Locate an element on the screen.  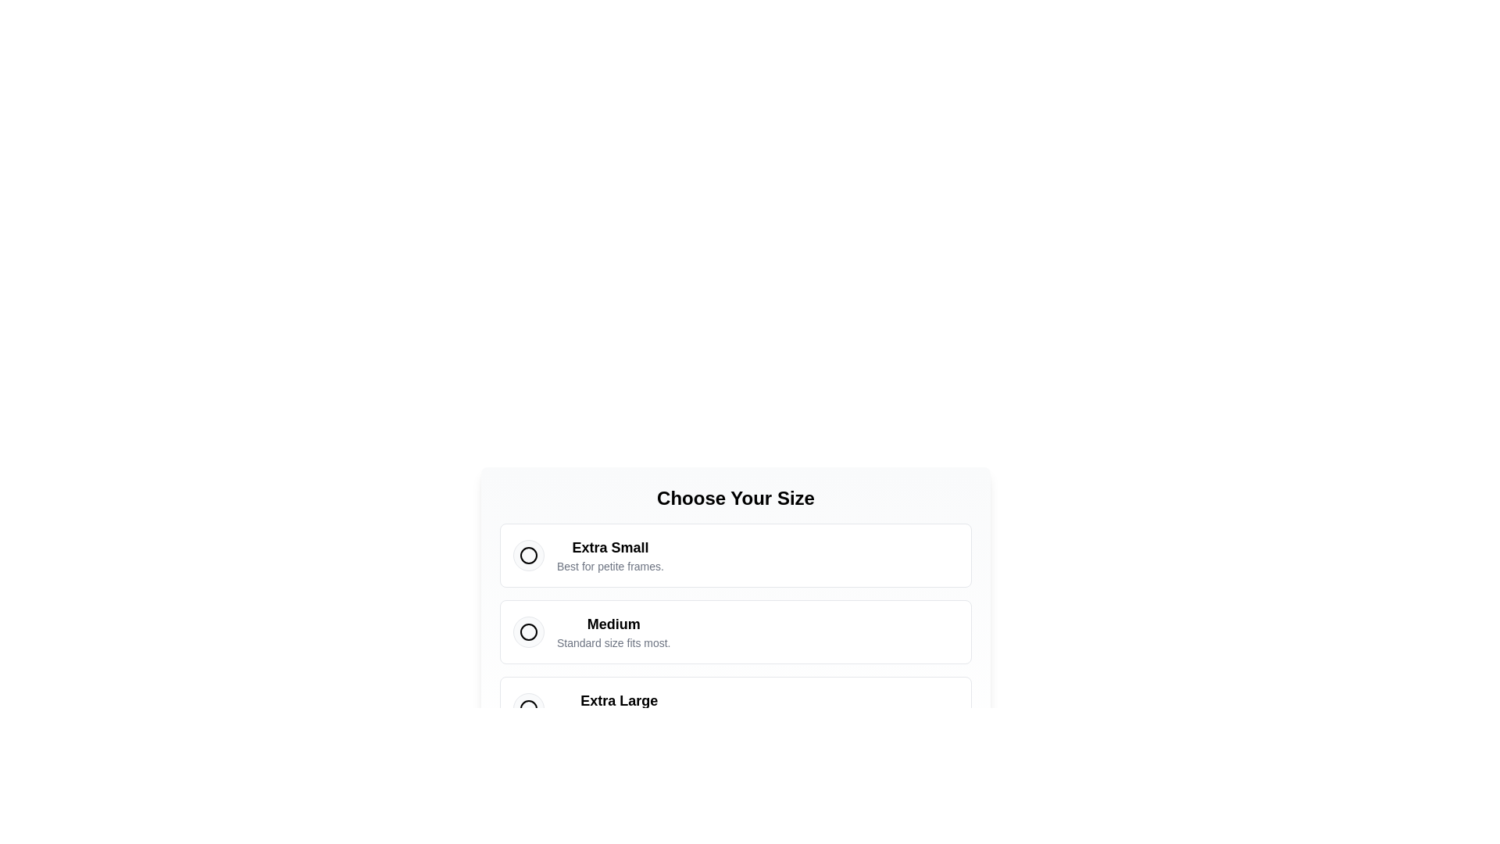
the SVG Circle representing the selected state for the 'Medium' size radio button in the 'Choose Your Size' options is located at coordinates (528, 631).